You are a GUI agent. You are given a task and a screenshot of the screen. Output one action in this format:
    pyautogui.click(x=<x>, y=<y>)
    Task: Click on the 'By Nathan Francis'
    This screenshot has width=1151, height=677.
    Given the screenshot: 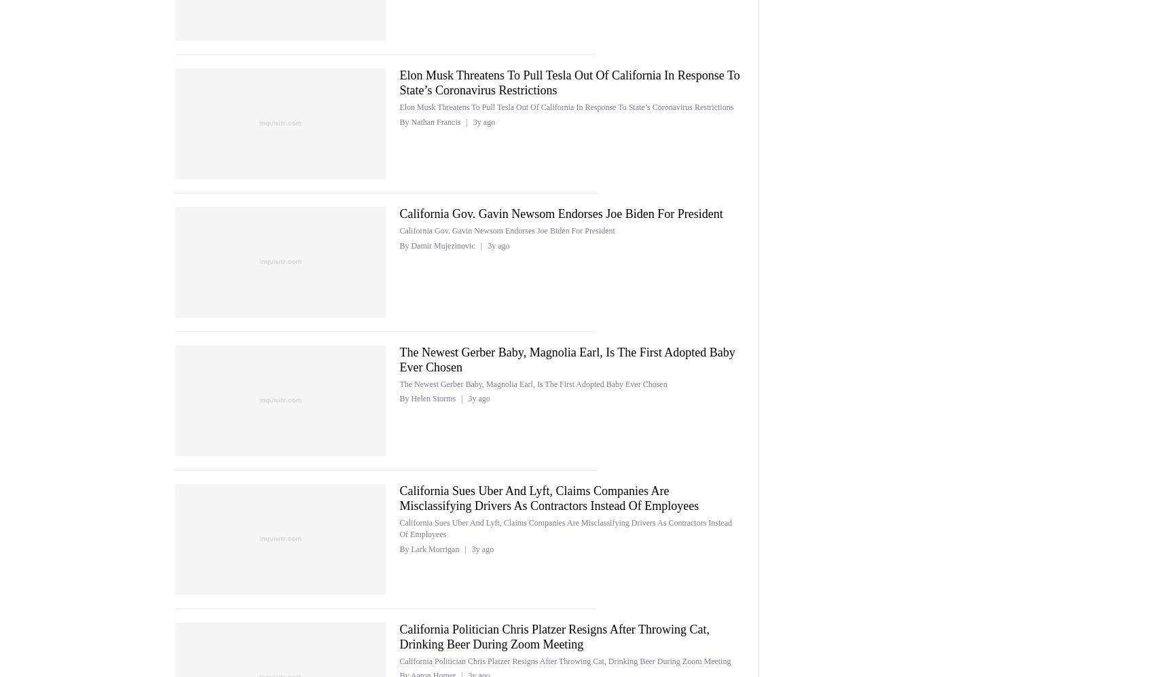 What is the action you would take?
    pyautogui.click(x=430, y=120)
    